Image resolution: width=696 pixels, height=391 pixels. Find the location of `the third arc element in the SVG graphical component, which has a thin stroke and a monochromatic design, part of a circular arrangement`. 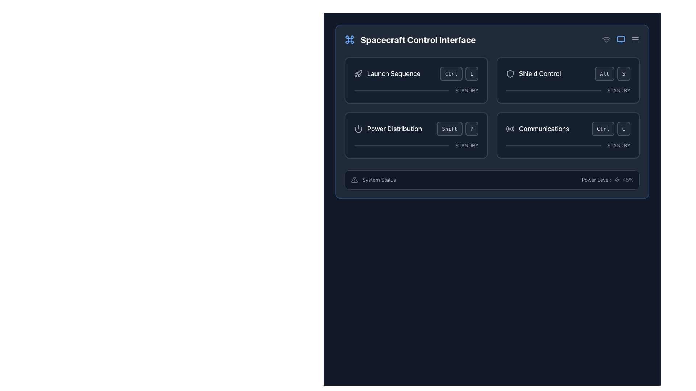

the third arc element in the SVG graphical component, which has a thin stroke and a monochromatic design, part of a circular arrangement is located at coordinates (512, 129).